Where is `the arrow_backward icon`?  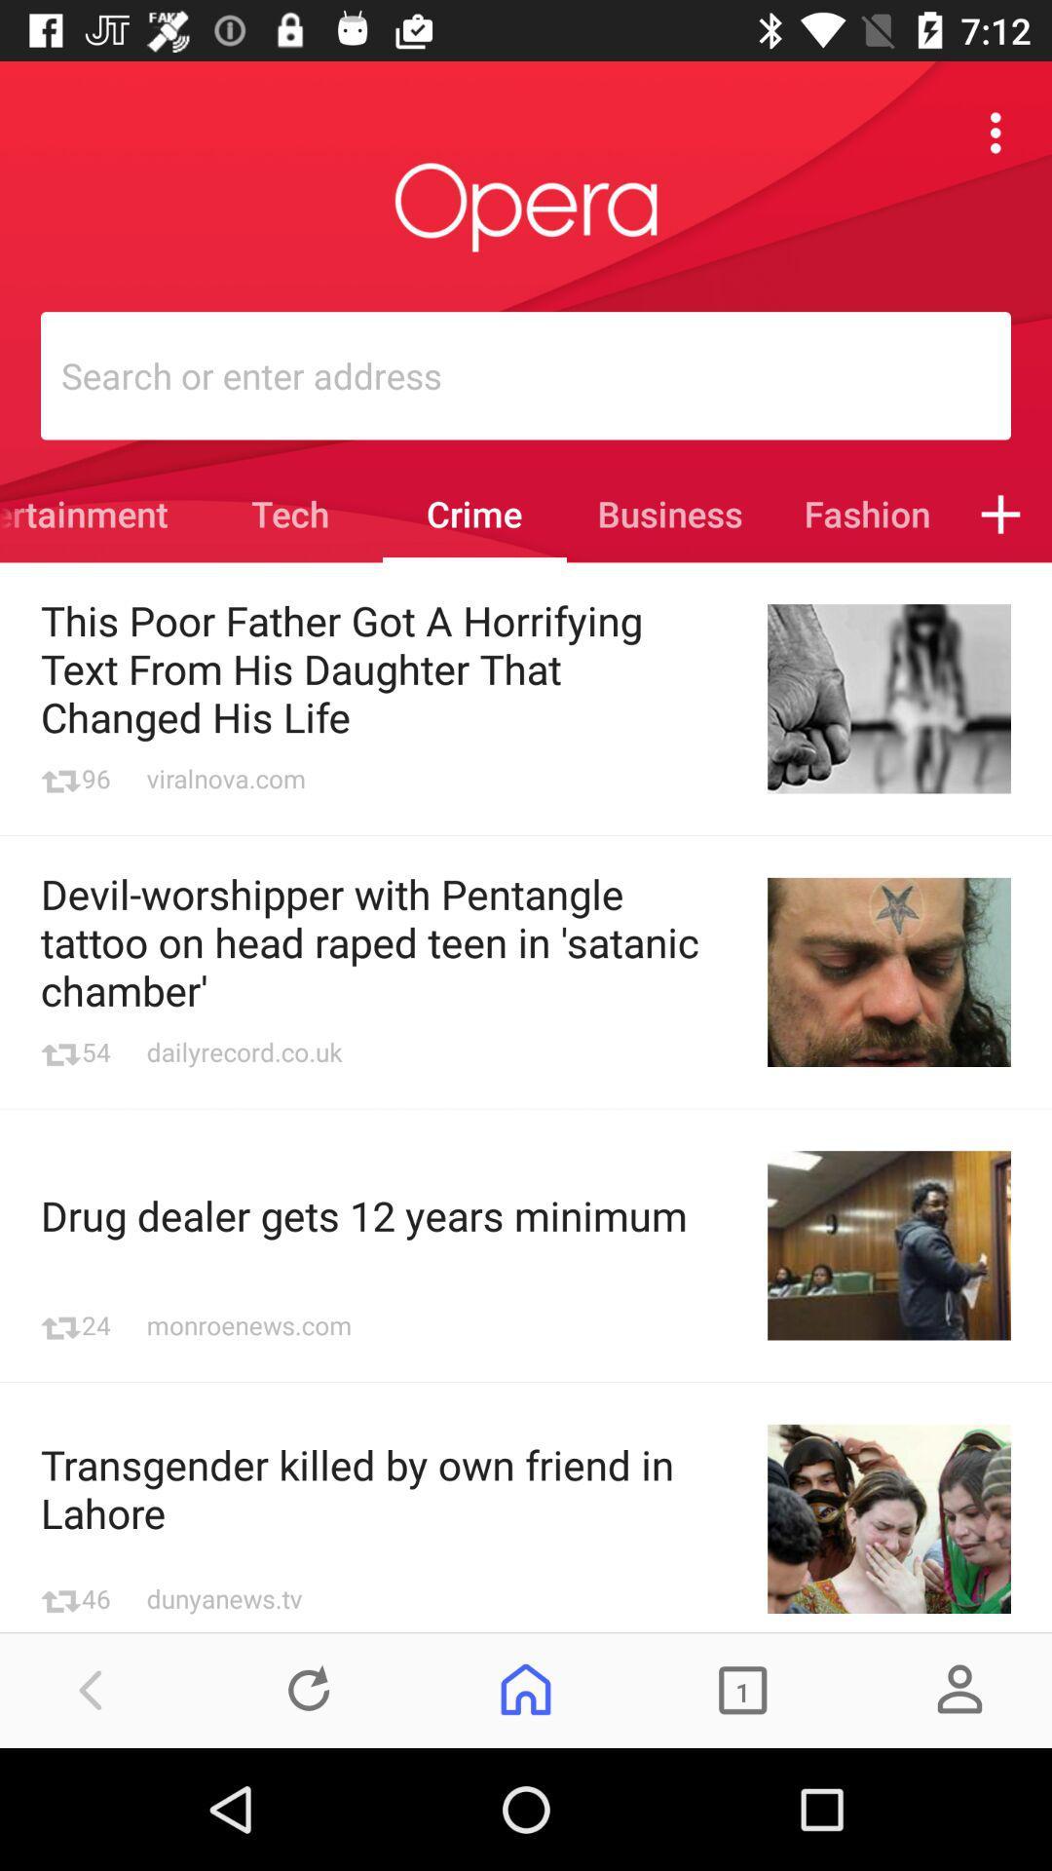
the arrow_backward icon is located at coordinates (92, 1689).